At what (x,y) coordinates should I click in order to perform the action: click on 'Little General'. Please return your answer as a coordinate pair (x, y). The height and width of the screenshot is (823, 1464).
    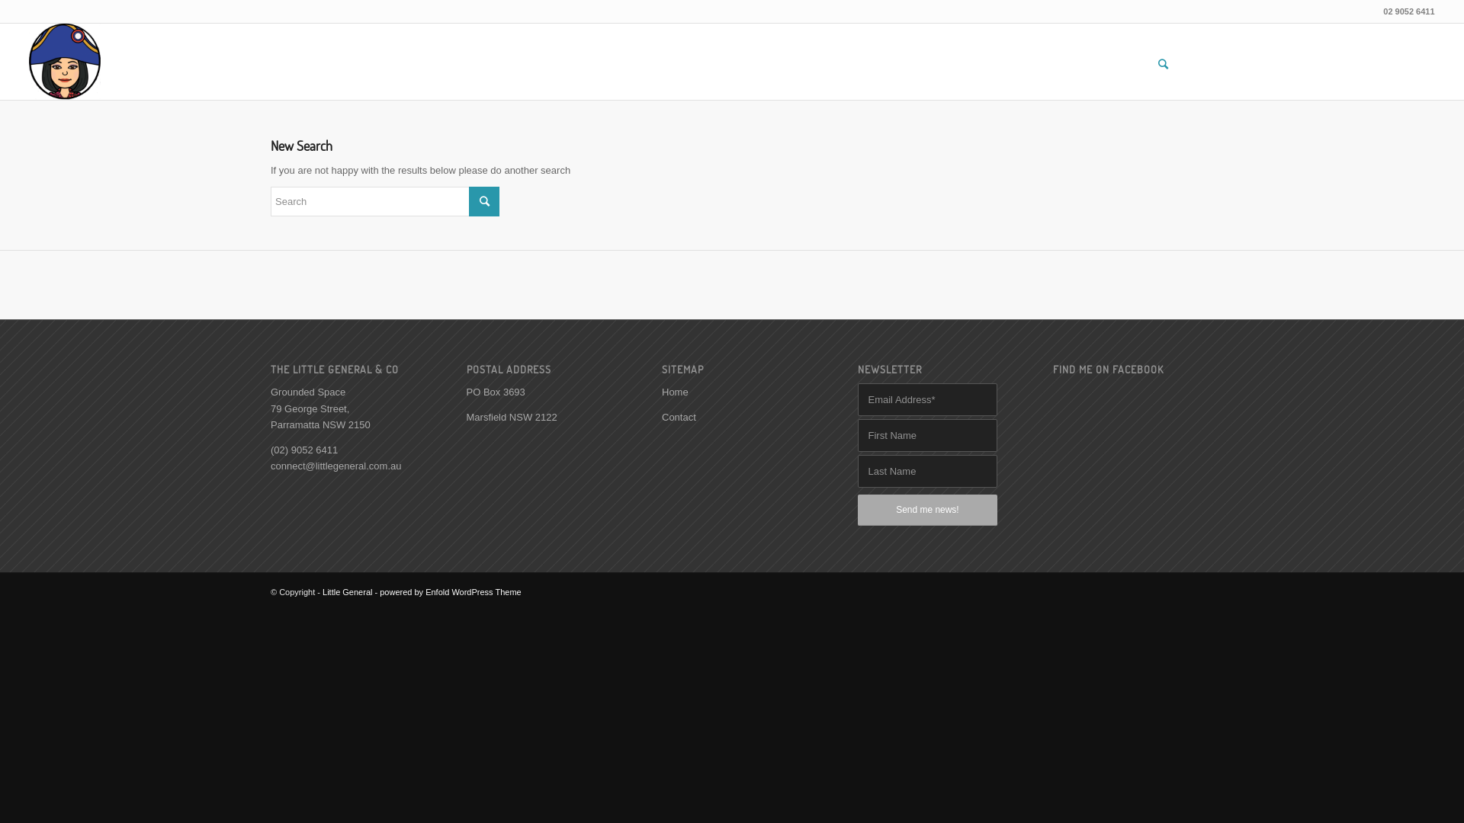
    Looking at the image, I should click on (346, 591).